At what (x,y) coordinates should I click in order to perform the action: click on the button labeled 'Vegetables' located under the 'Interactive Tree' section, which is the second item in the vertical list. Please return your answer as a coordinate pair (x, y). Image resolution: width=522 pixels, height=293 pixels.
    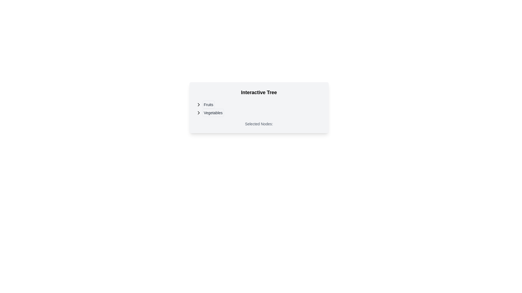
    Looking at the image, I should click on (213, 113).